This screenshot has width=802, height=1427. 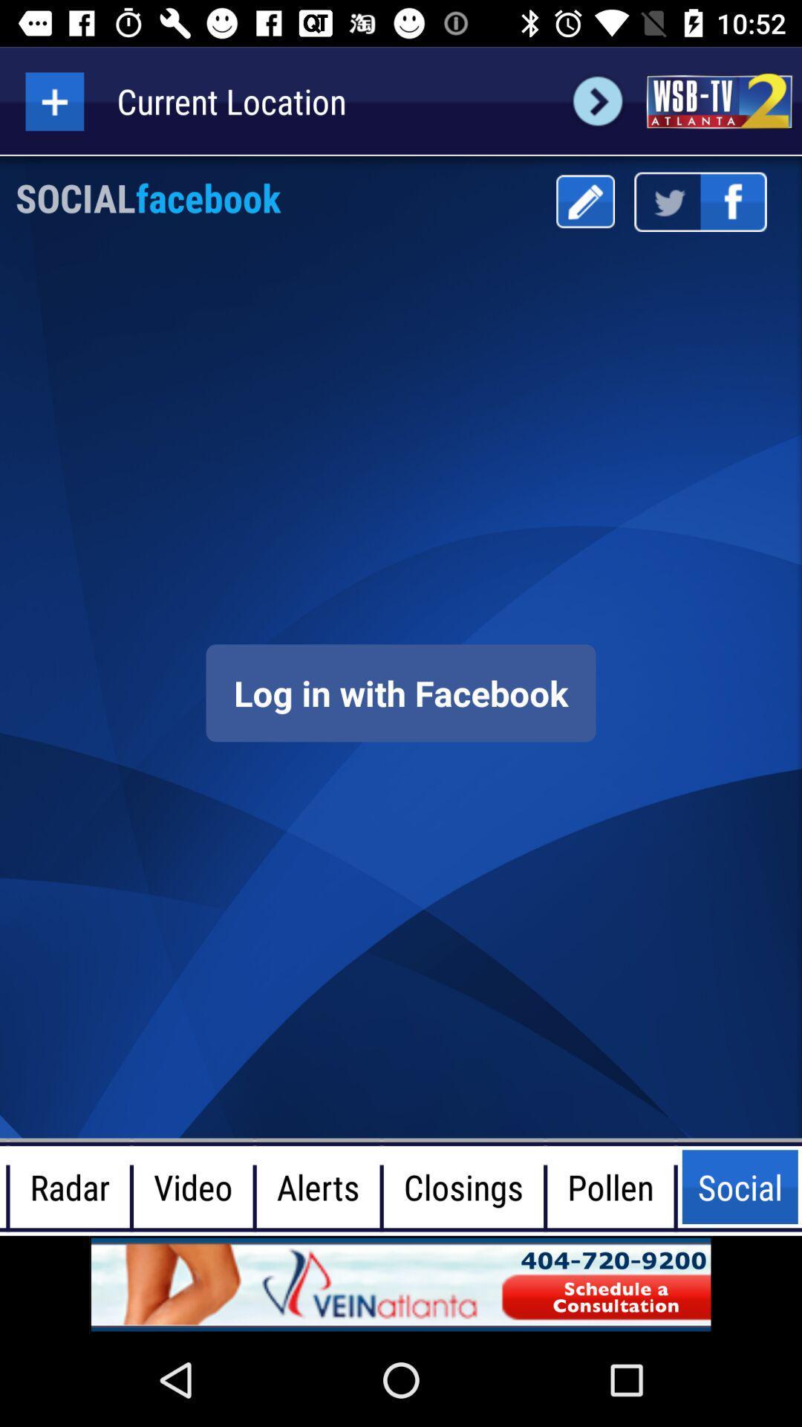 I want to click on the arrow_forward icon, so click(x=597, y=100).